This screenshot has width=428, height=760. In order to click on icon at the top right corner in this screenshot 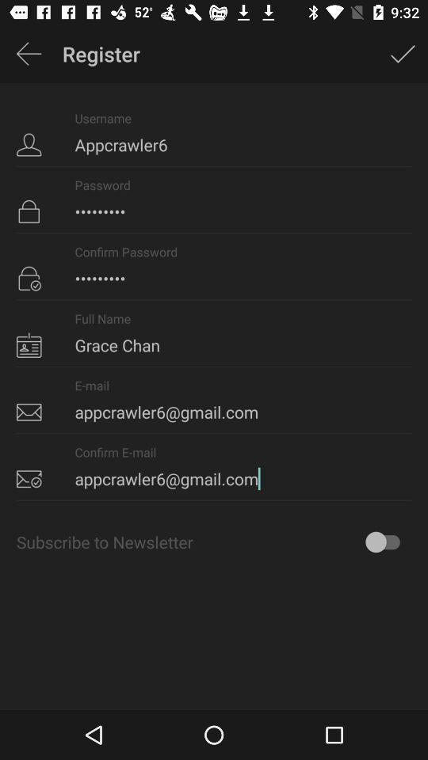, I will do `click(403, 54)`.